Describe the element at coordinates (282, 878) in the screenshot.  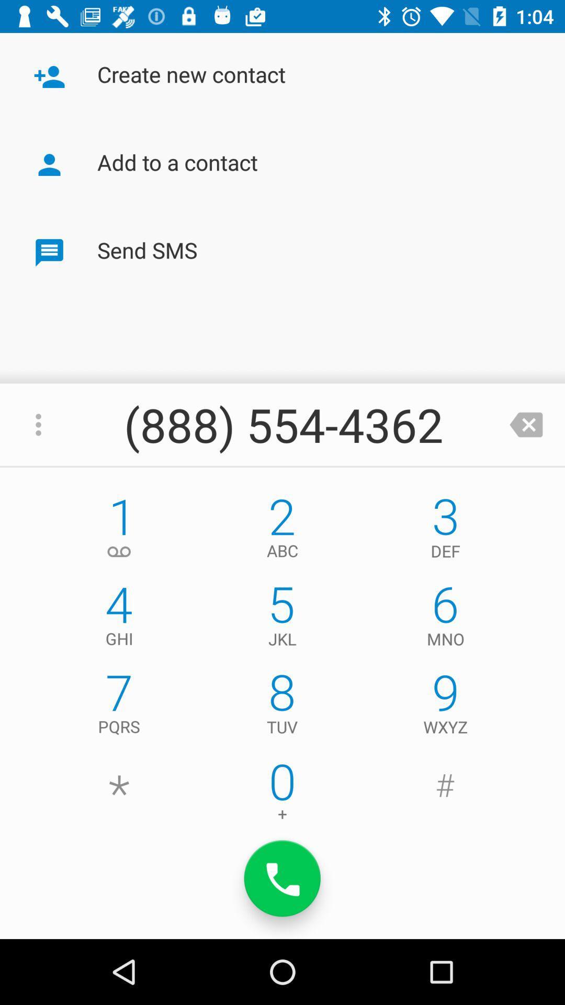
I see `the call icon` at that location.